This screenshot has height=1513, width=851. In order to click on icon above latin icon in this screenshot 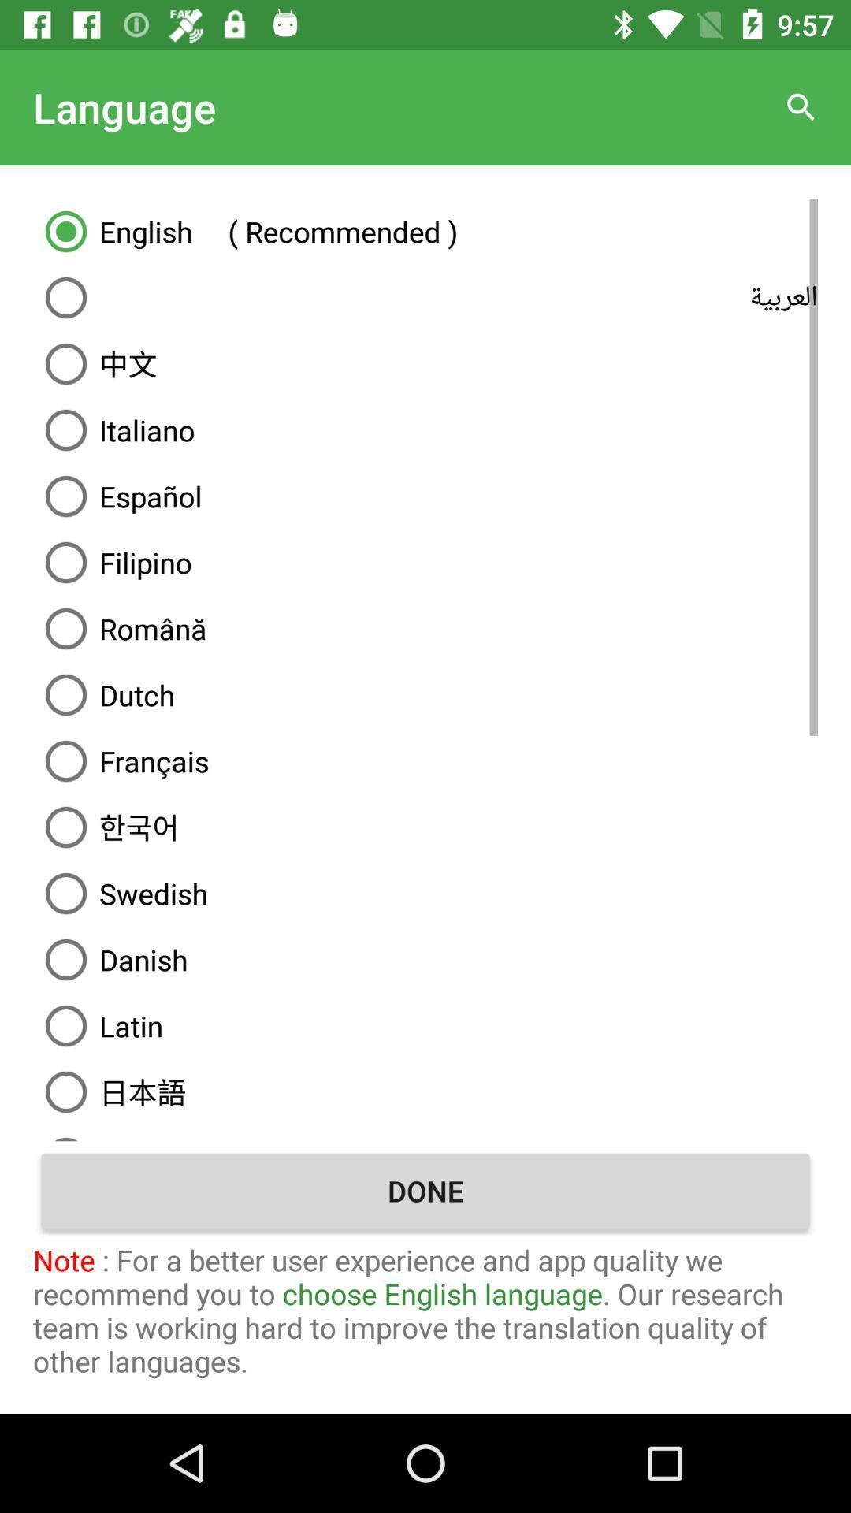, I will do `click(425, 959)`.